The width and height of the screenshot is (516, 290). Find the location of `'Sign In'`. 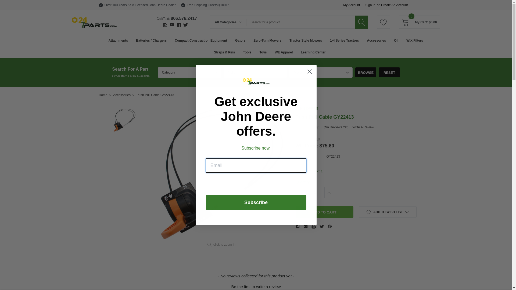

'Sign In' is located at coordinates (370, 5).